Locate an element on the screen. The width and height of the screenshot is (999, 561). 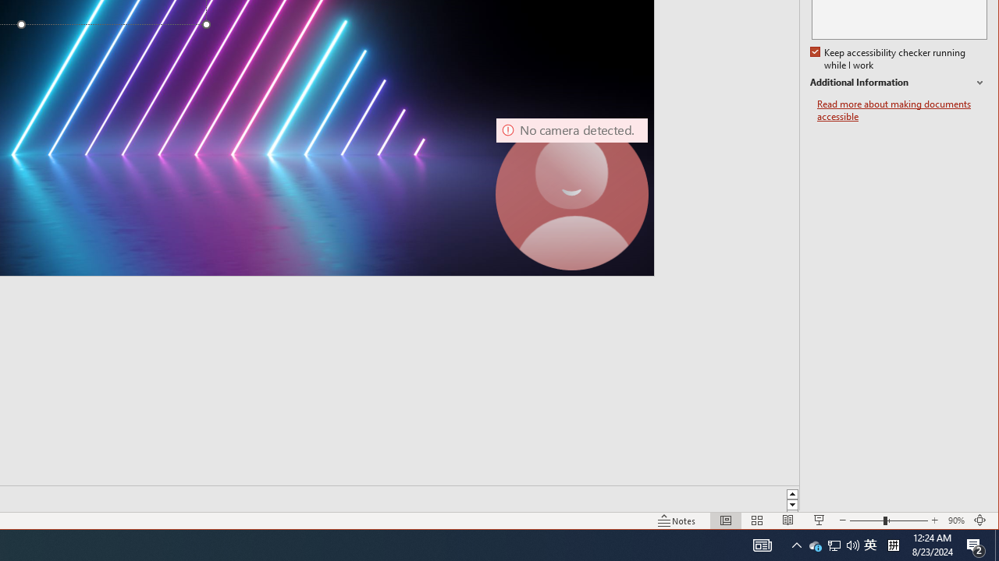
'Normal' is located at coordinates (724, 520).